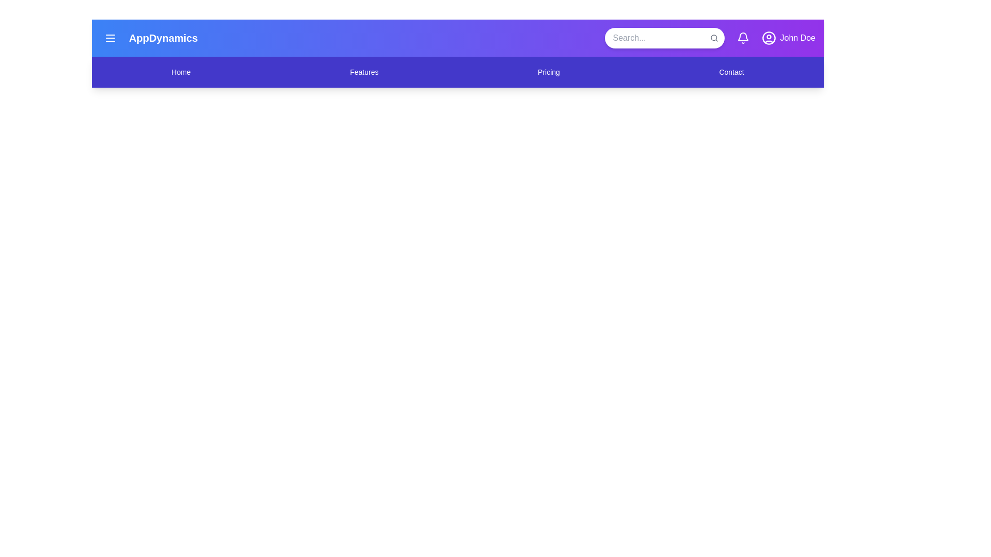 The height and width of the screenshot is (557, 991). What do you see at coordinates (769, 37) in the screenshot?
I see `the user profile icon to view account options` at bounding box center [769, 37].